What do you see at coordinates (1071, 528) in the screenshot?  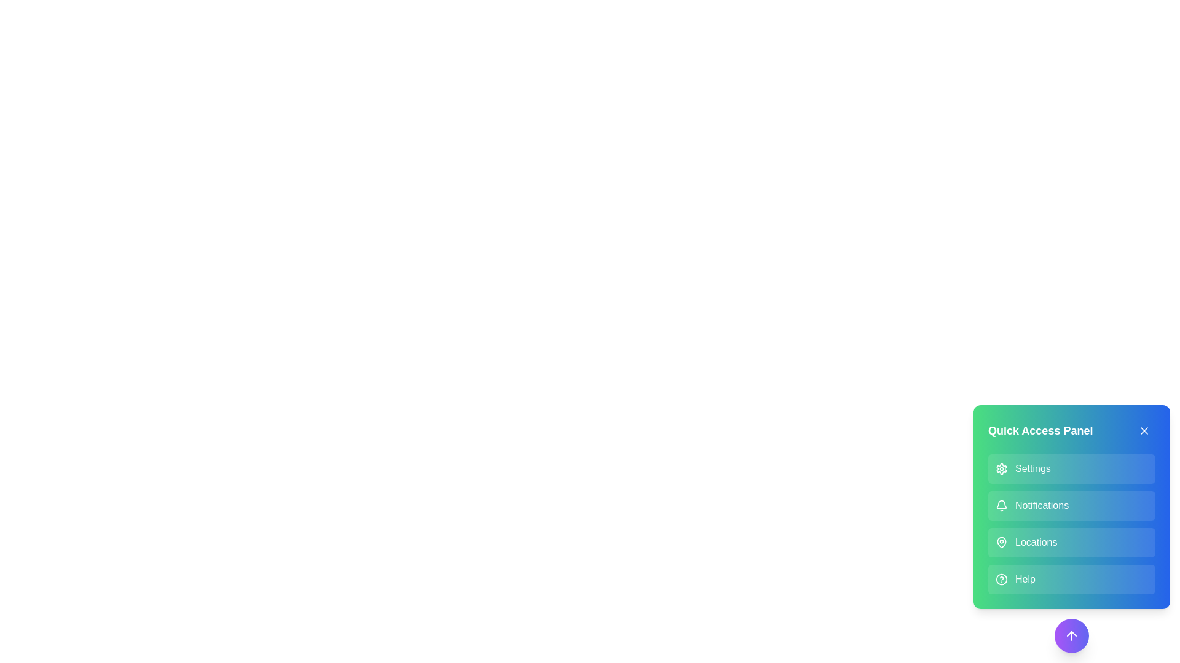 I see `the third button in the vertical alignment located on the bottom-right side of the interface` at bounding box center [1071, 528].